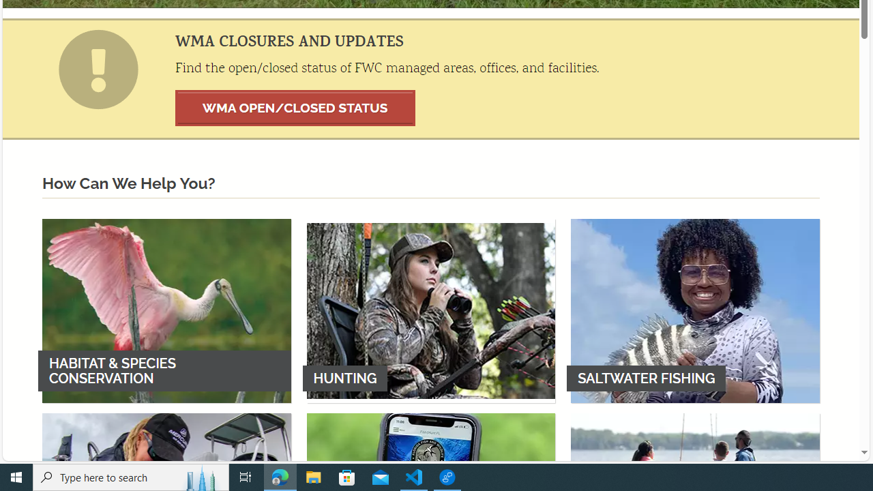  I want to click on 'HUNTING', so click(430, 310).